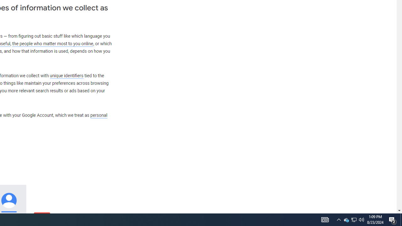  Describe the element at coordinates (52, 43) in the screenshot. I see `'the people who matter most to you online'` at that location.